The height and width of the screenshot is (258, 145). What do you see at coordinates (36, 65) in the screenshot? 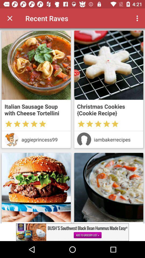
I see `open recipe` at bounding box center [36, 65].